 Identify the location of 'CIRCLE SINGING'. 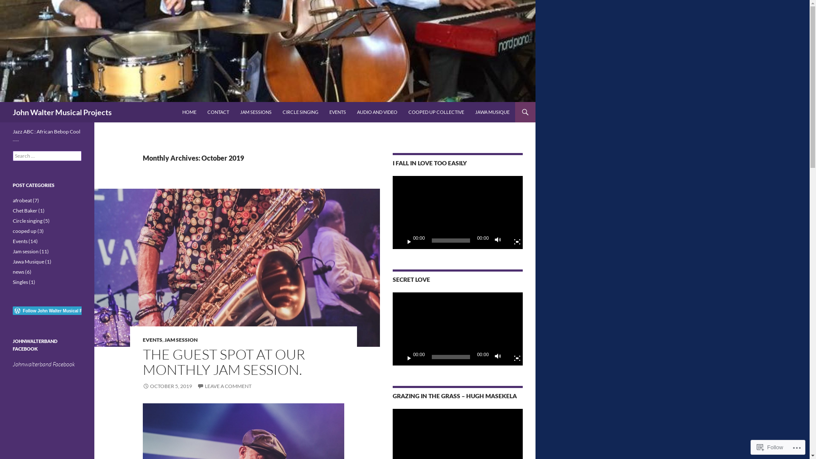
(300, 111).